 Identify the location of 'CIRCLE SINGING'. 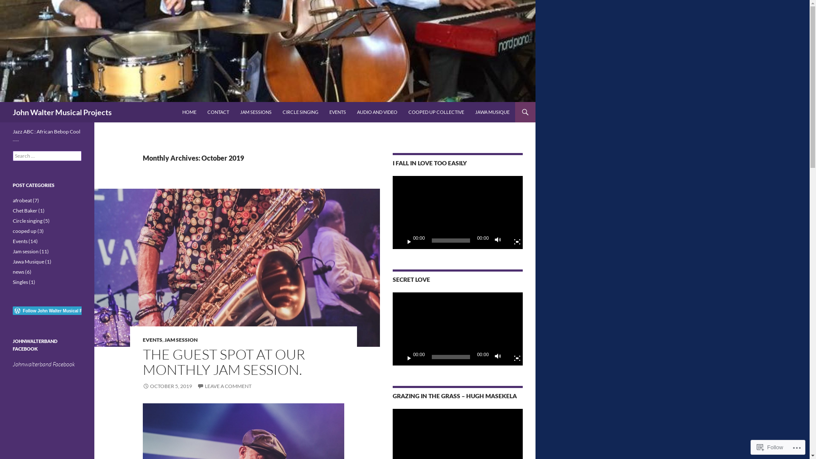
(300, 111).